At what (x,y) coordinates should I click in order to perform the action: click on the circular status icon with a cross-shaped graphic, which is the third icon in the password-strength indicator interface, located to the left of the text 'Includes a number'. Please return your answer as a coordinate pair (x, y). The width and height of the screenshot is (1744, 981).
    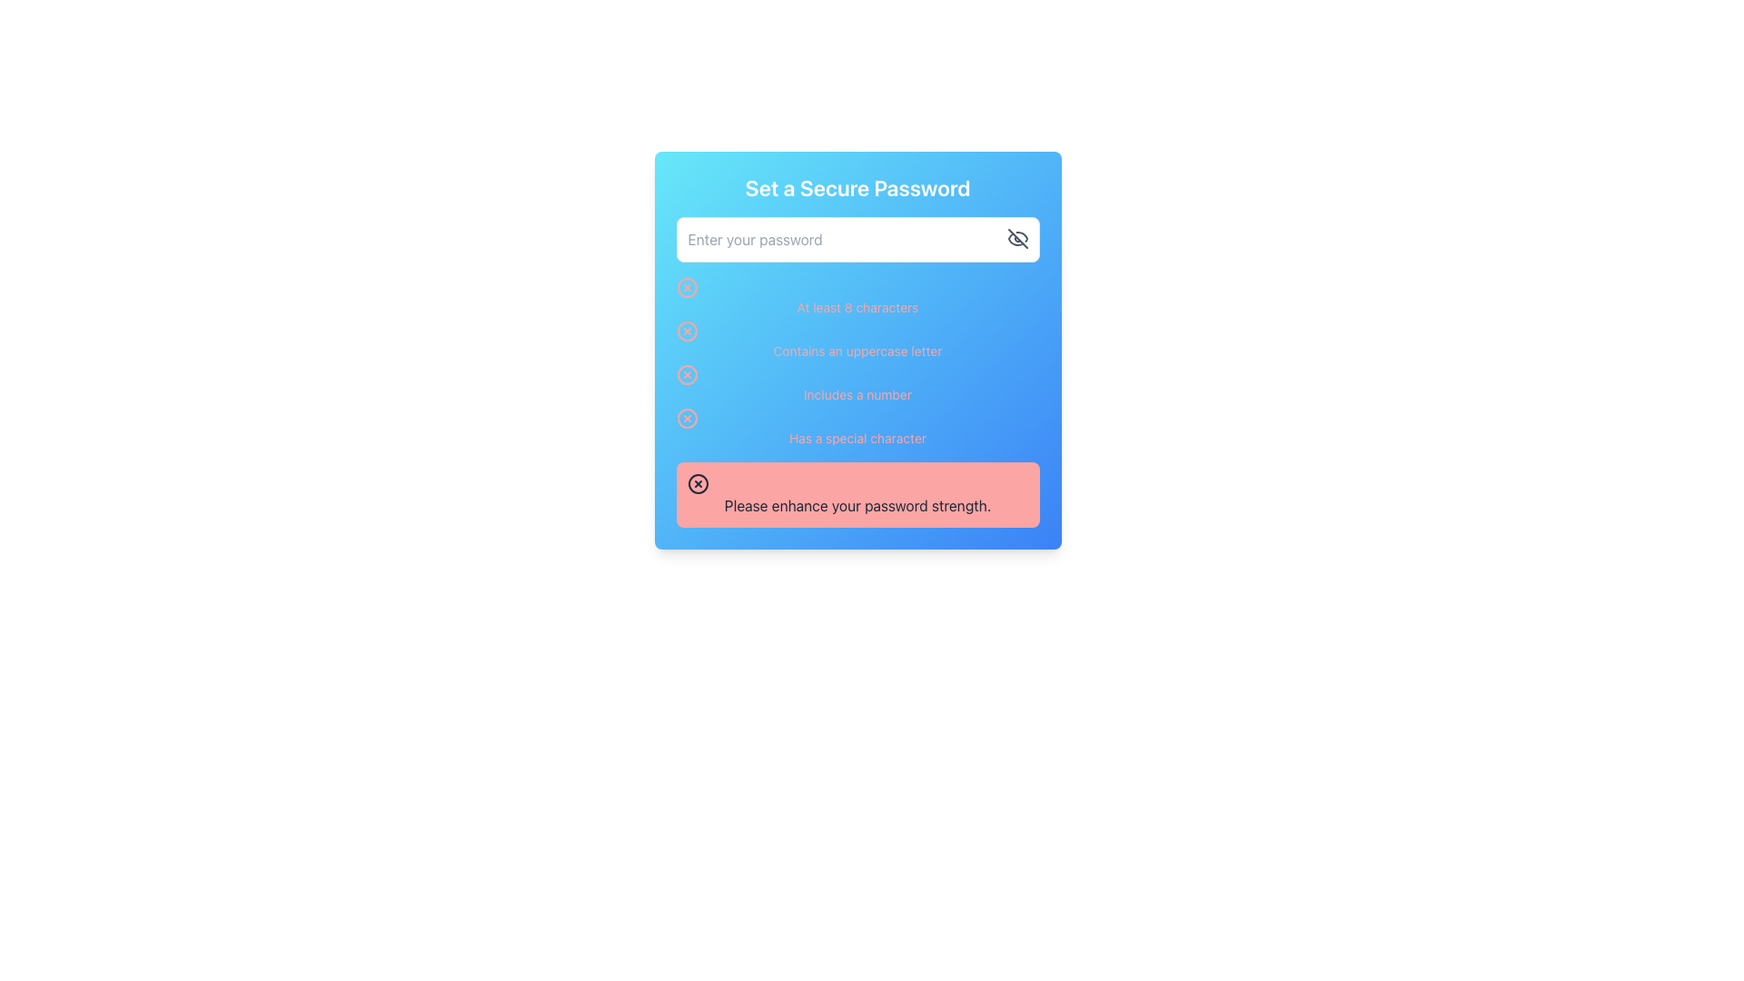
    Looking at the image, I should click on (686, 419).